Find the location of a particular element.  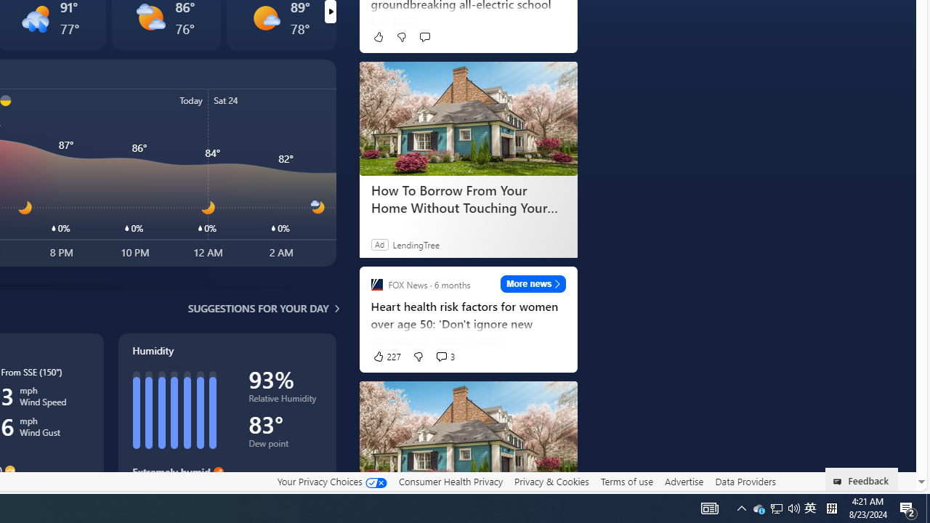

'Data Providers' is located at coordinates (745, 482).